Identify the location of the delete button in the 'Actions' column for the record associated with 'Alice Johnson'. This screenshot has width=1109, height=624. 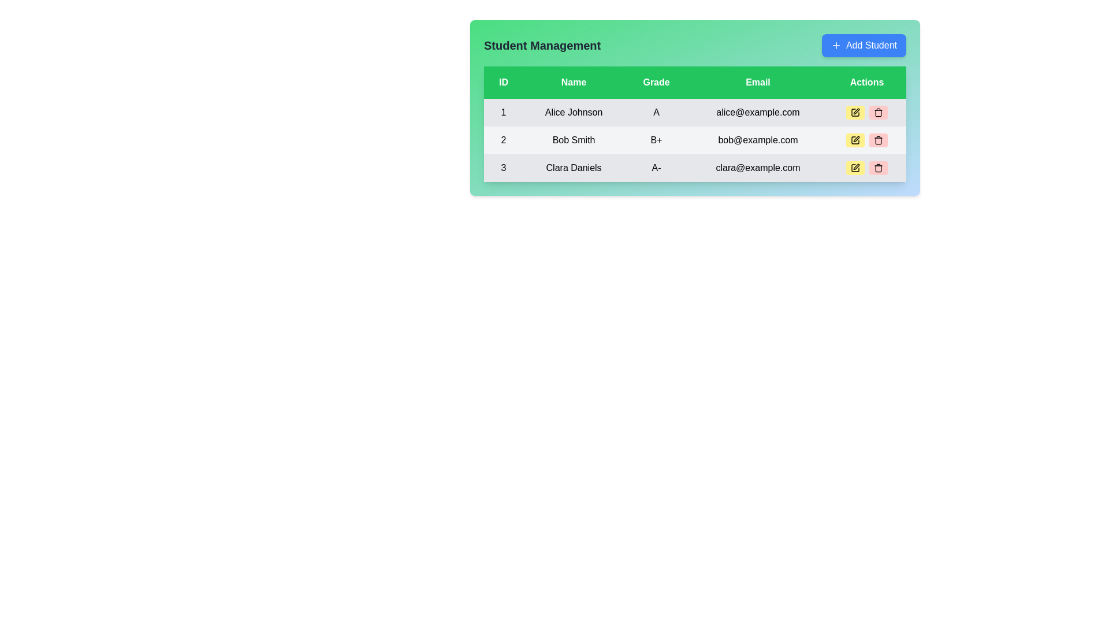
(878, 113).